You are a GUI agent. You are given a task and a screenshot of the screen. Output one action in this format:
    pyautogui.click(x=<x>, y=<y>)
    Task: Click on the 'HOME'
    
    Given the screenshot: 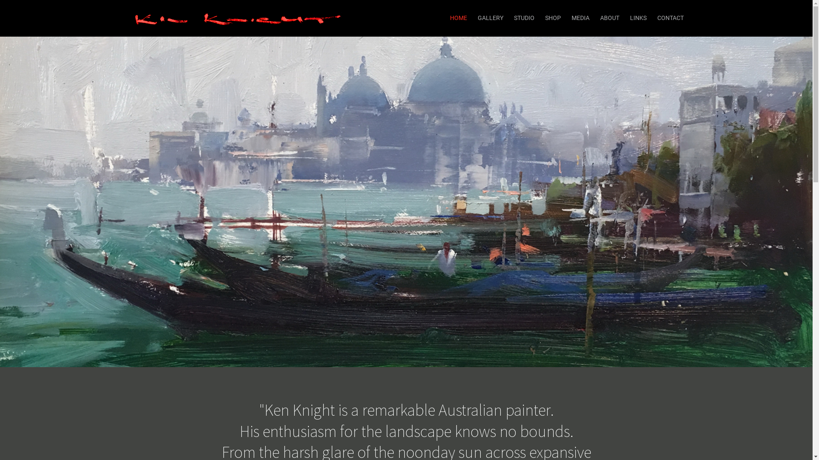 What is the action you would take?
    pyautogui.click(x=458, y=18)
    